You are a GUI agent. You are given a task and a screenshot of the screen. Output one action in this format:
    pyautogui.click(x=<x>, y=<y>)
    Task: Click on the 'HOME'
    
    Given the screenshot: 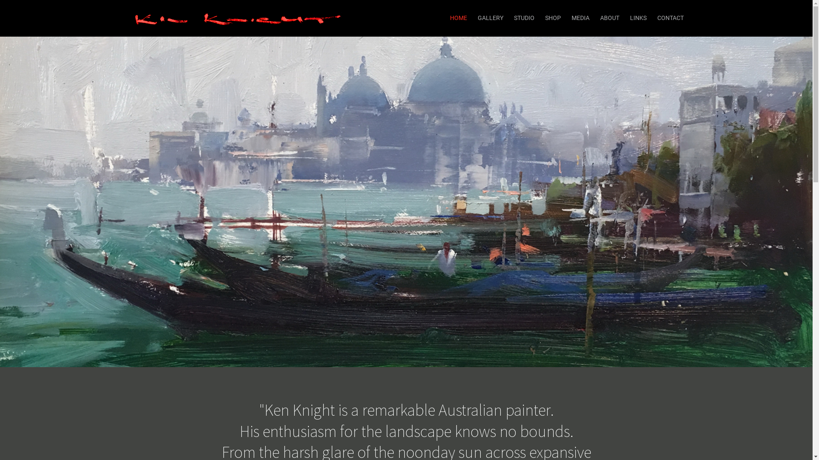 What is the action you would take?
    pyautogui.click(x=458, y=18)
    